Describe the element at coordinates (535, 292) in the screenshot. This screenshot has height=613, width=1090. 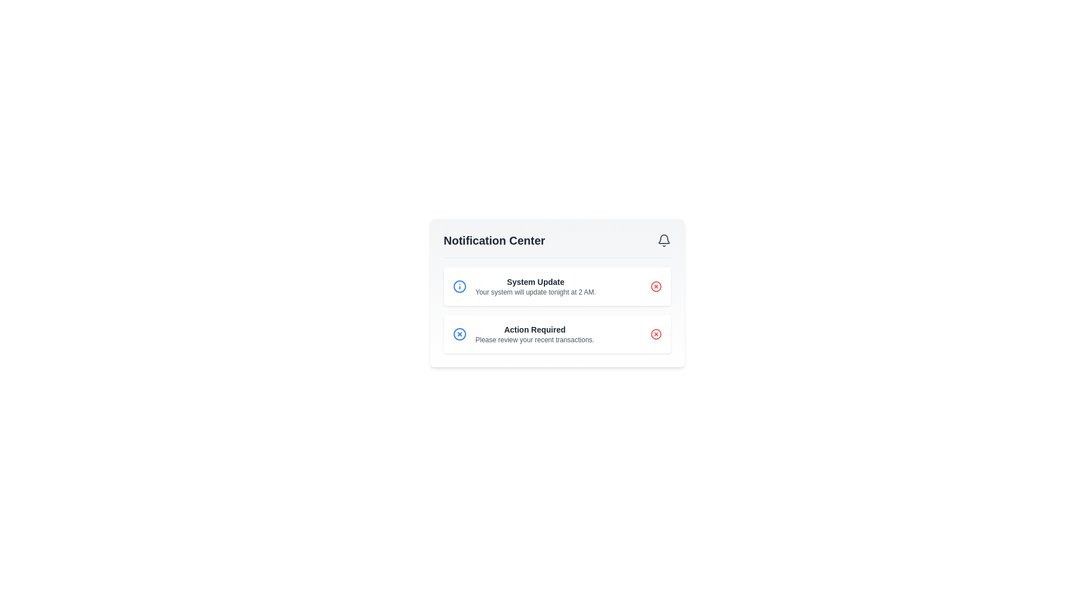
I see `the text label informing about the upcoming system update scheduled at 2 AM in the Notification Center interface` at that location.